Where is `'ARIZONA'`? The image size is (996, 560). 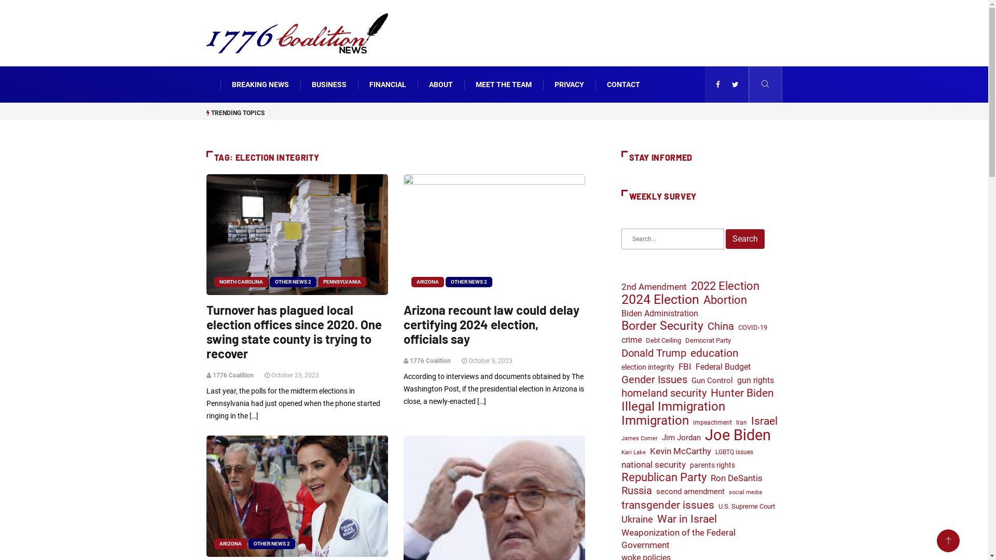
'ARIZONA' is located at coordinates (229, 543).